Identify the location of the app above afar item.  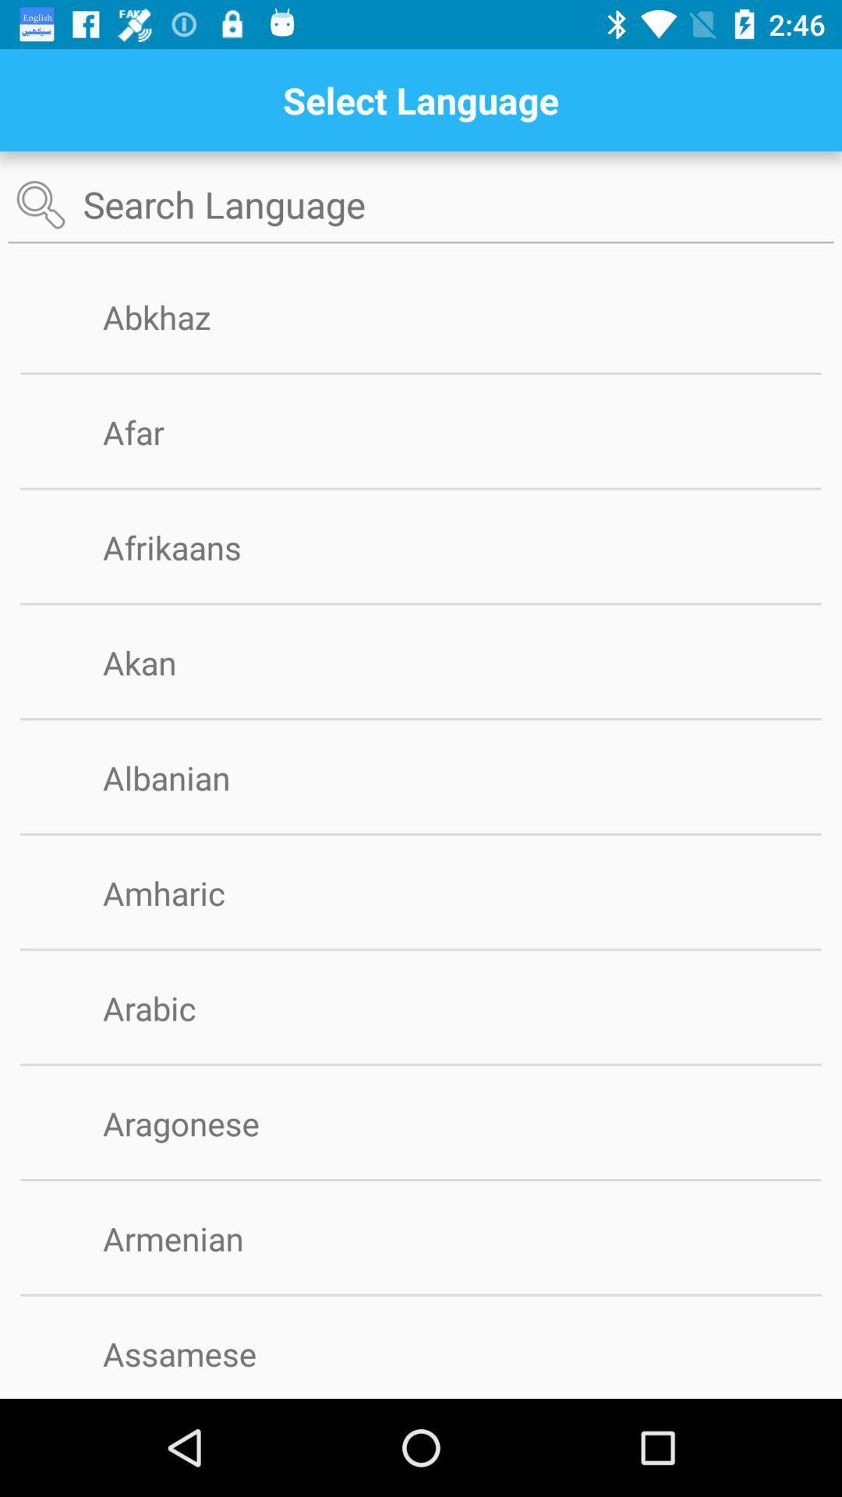
(421, 373).